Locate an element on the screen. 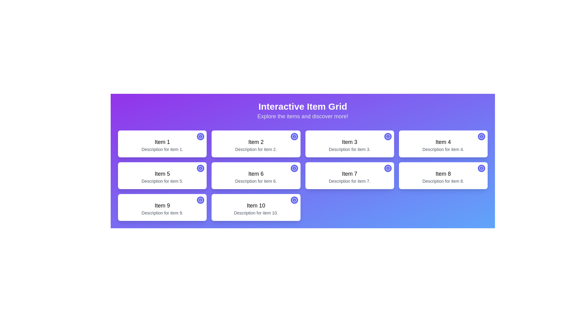 The width and height of the screenshot is (587, 330). the text block containing the phrase 'Description for item 8.' located within the card for 'Item 8' in the interactive item grid is located at coordinates (443, 181).